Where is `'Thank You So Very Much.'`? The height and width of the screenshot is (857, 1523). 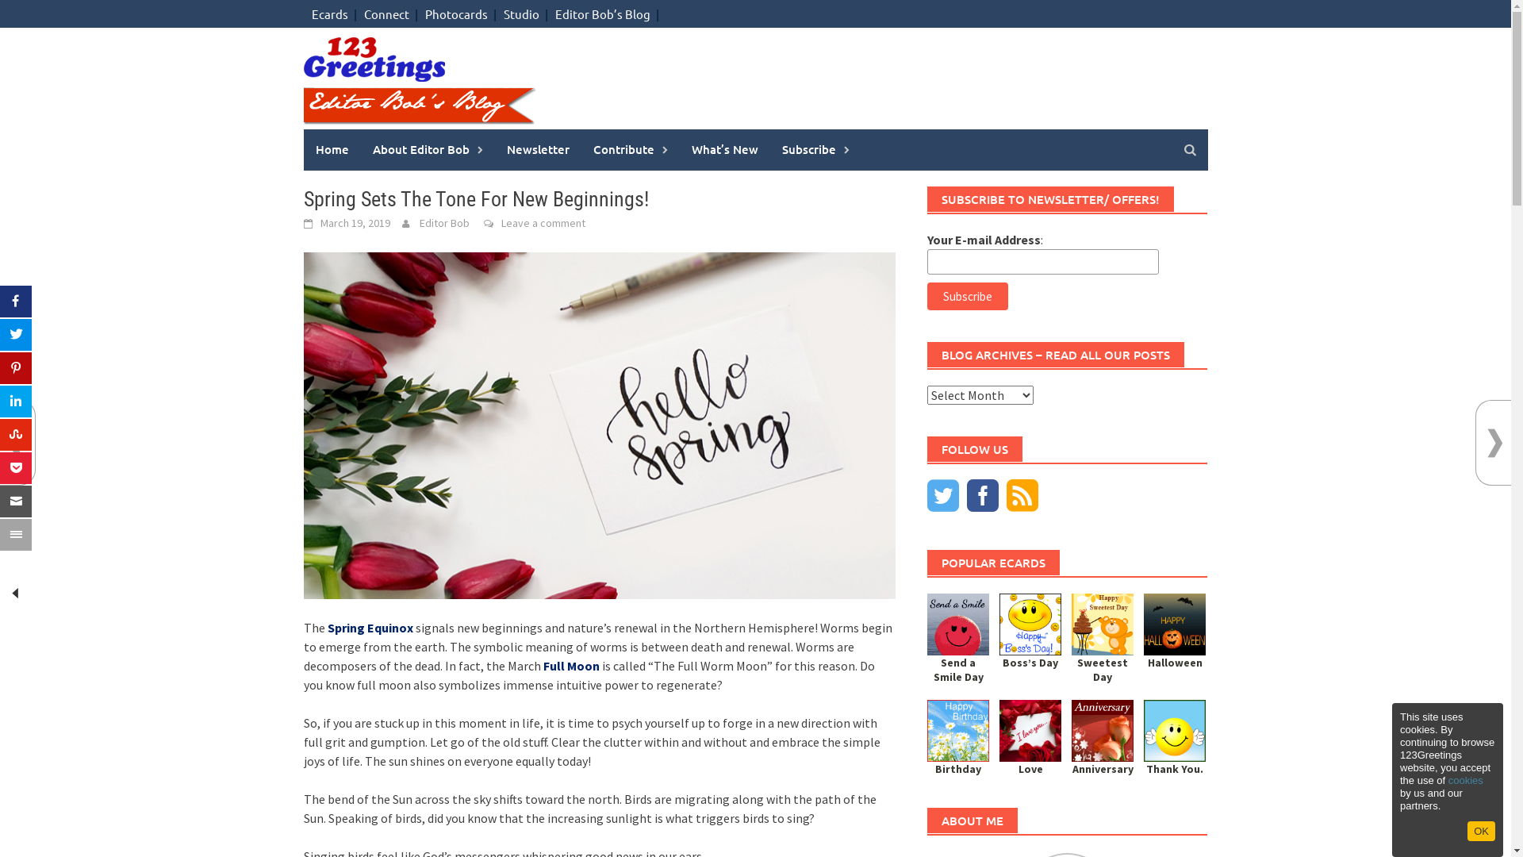 'Thank You So Very Much.' is located at coordinates (1175, 731).